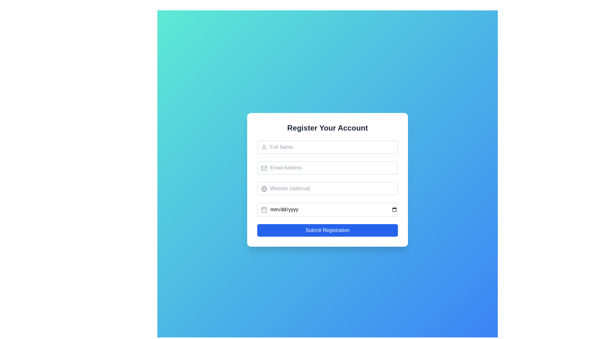 Image resolution: width=603 pixels, height=339 pixels. I want to click on the SVG rectangle component that is part of the calendar icon, positioned next to the date input field marked with 'mm/dd/yyyy', so click(264, 209).